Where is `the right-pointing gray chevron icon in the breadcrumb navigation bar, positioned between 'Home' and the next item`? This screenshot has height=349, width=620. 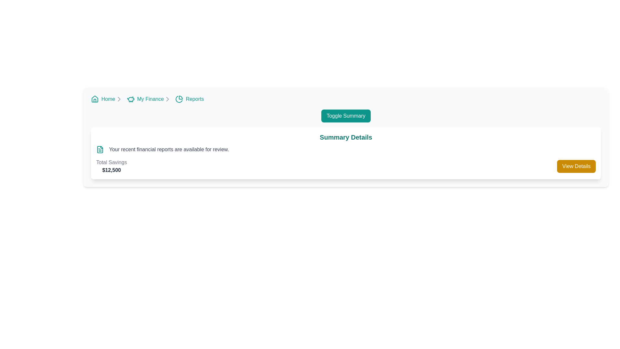 the right-pointing gray chevron icon in the breadcrumb navigation bar, positioned between 'Home' and the next item is located at coordinates (119, 99).